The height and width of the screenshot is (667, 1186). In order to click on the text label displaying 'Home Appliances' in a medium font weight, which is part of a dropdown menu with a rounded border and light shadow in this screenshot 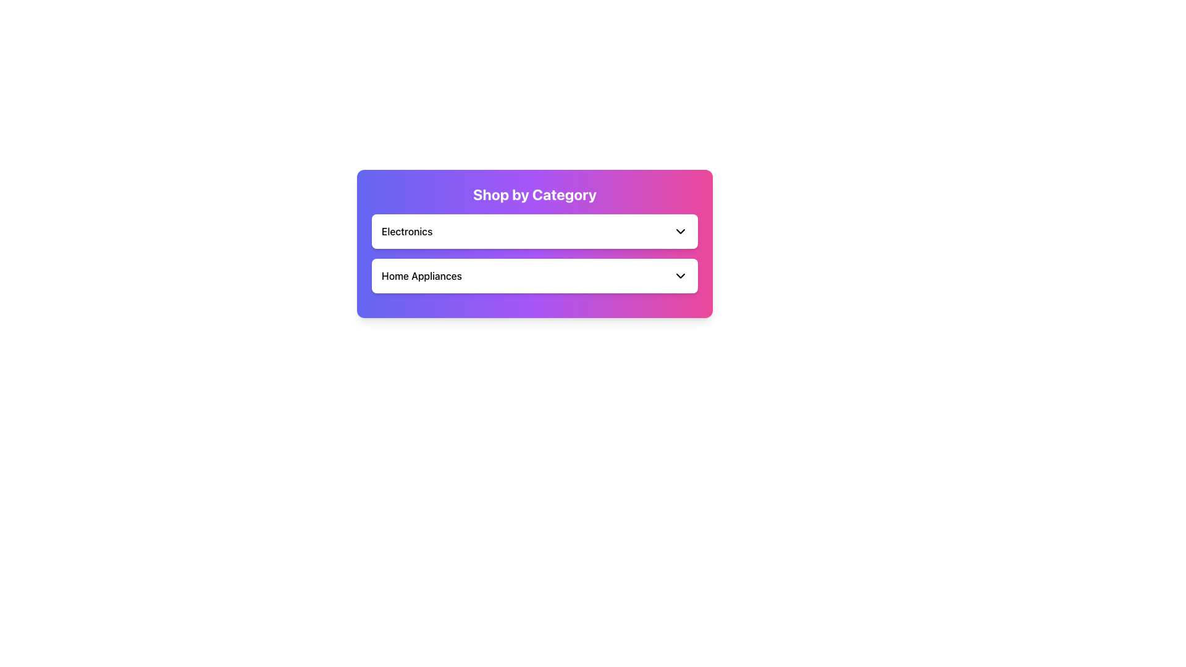, I will do `click(421, 275)`.